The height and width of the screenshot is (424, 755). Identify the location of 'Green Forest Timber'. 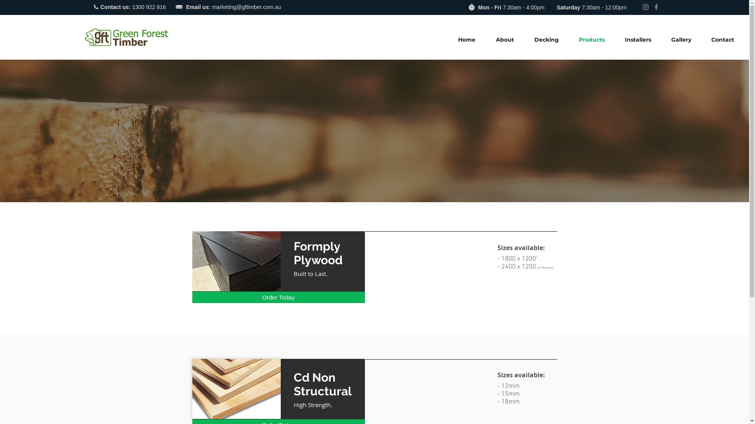
(126, 37).